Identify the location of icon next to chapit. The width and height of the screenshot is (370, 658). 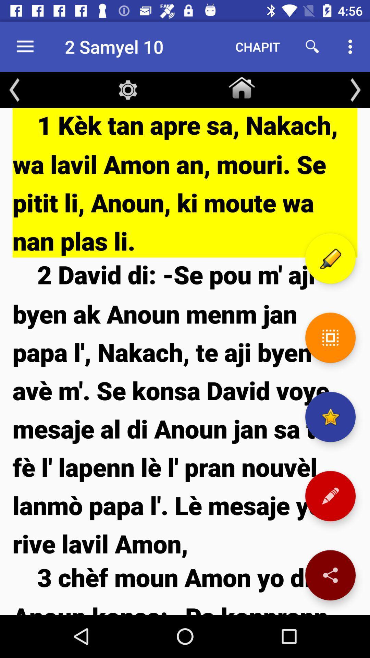
(312, 46).